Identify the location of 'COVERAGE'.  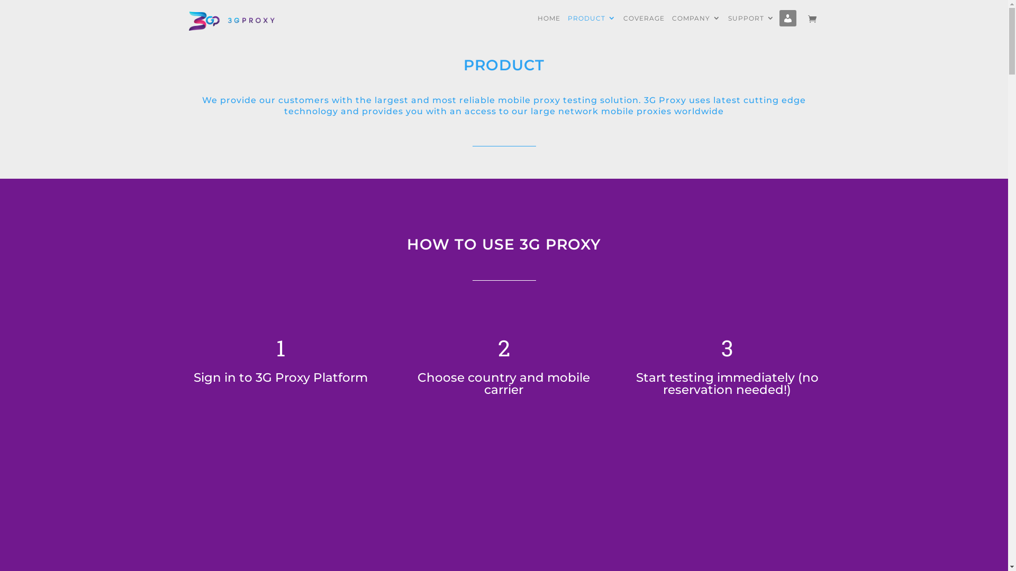
(643, 25).